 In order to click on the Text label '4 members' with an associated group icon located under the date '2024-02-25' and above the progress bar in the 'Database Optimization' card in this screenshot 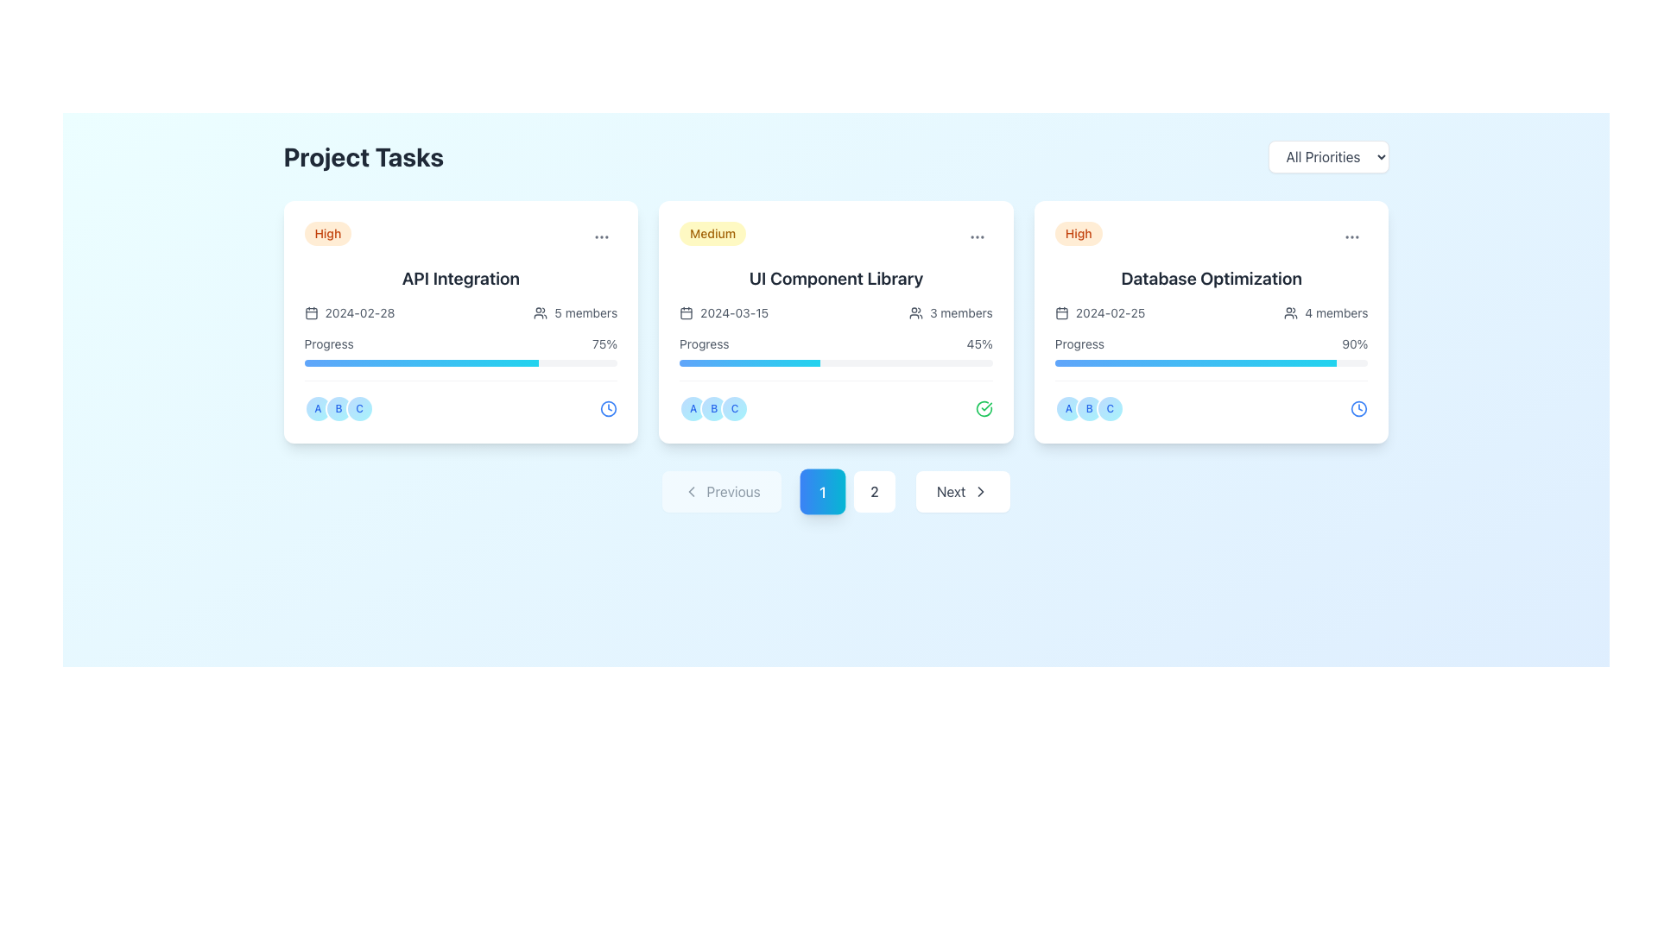, I will do `click(1326, 312)`.